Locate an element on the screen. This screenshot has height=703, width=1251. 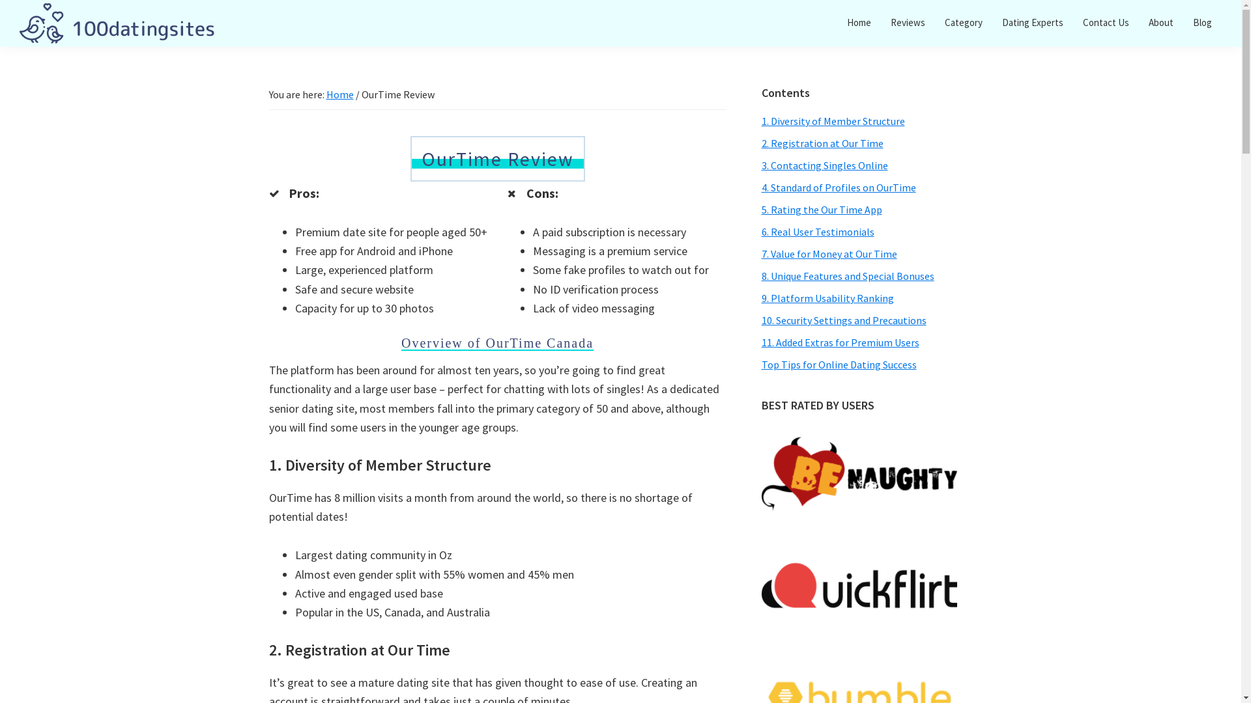
'Top Tips for Online Dating Success' is located at coordinates (838, 364).